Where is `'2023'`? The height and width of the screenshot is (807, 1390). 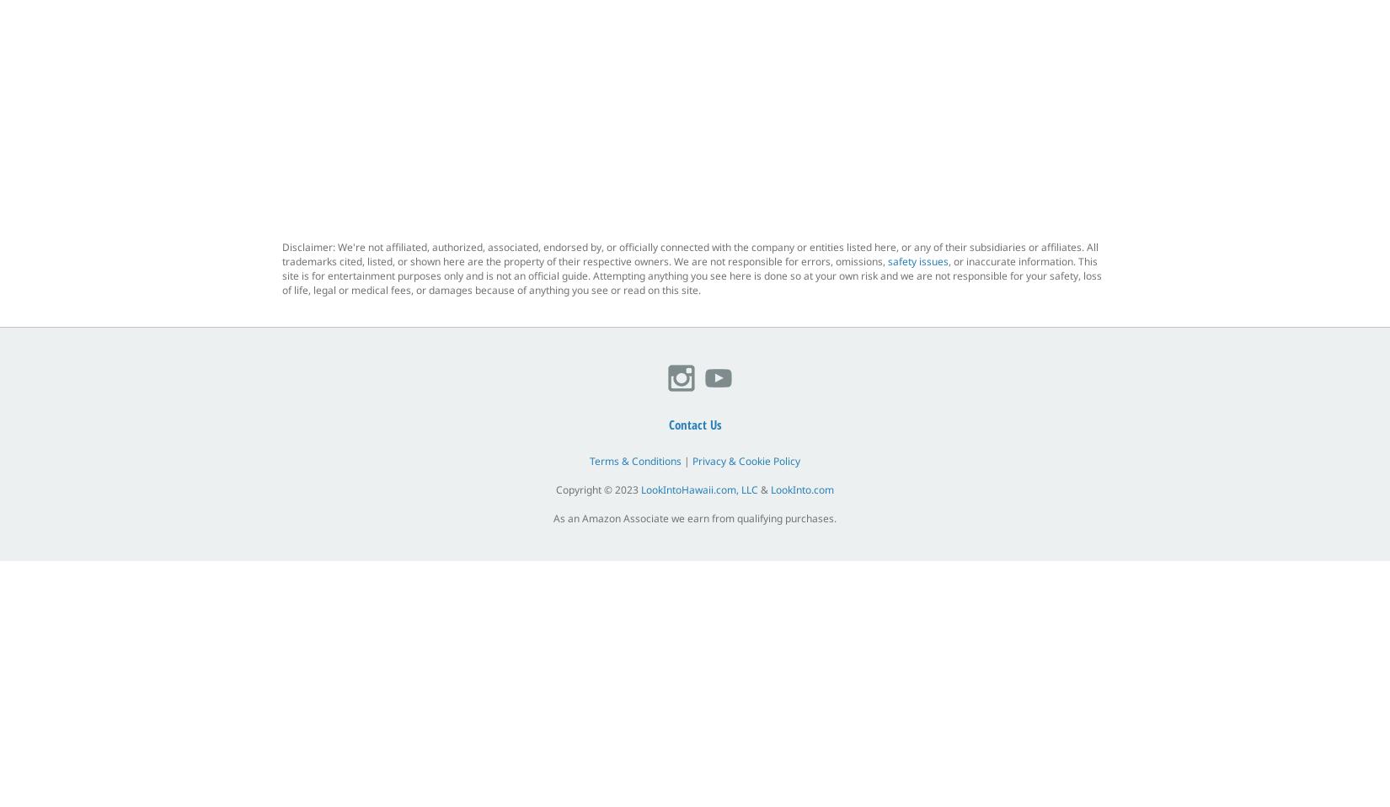
'2023' is located at coordinates (625, 489).